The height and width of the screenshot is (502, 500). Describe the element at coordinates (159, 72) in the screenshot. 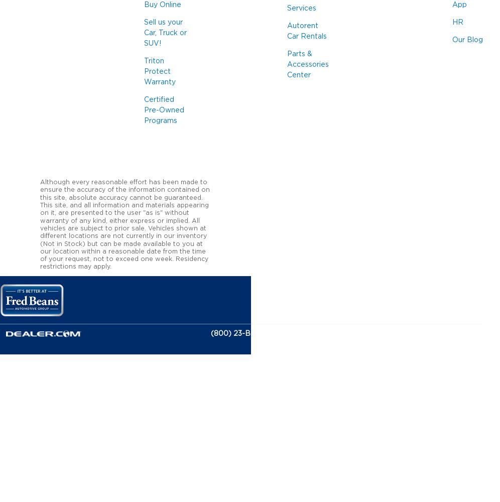

I see `'Triton Protect Warranty'` at that location.